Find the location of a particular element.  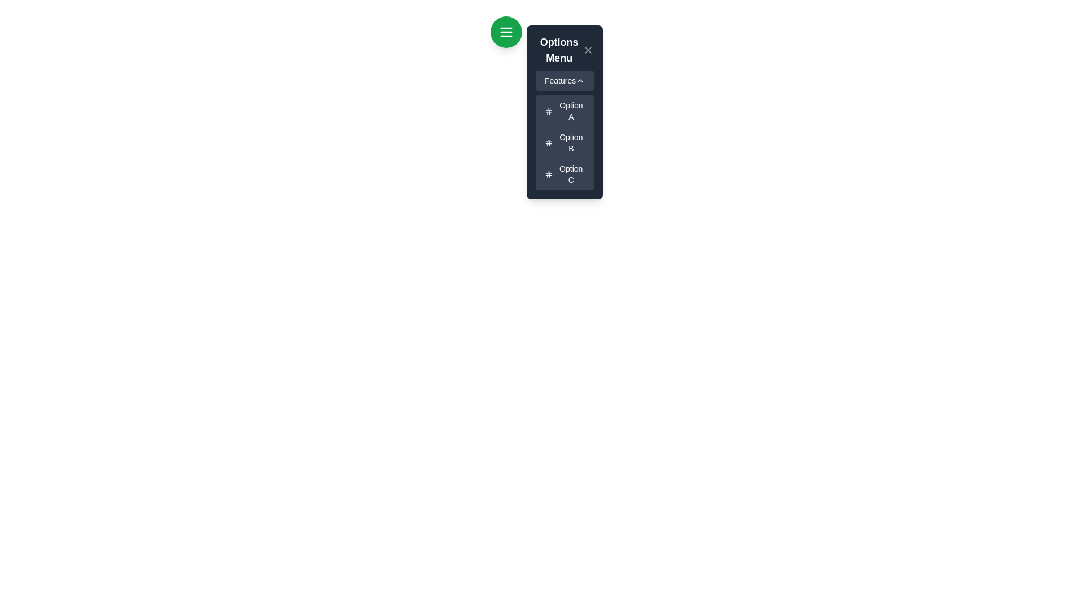

the 'Features' button with a dark gray background is located at coordinates (565, 80).